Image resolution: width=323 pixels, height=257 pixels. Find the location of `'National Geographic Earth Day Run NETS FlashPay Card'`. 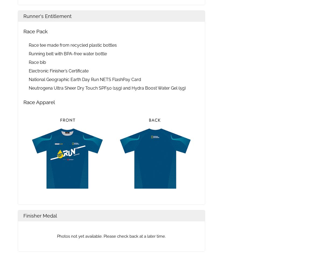

'National Geographic Earth Day Run NETS FlashPay Card' is located at coordinates (85, 79).